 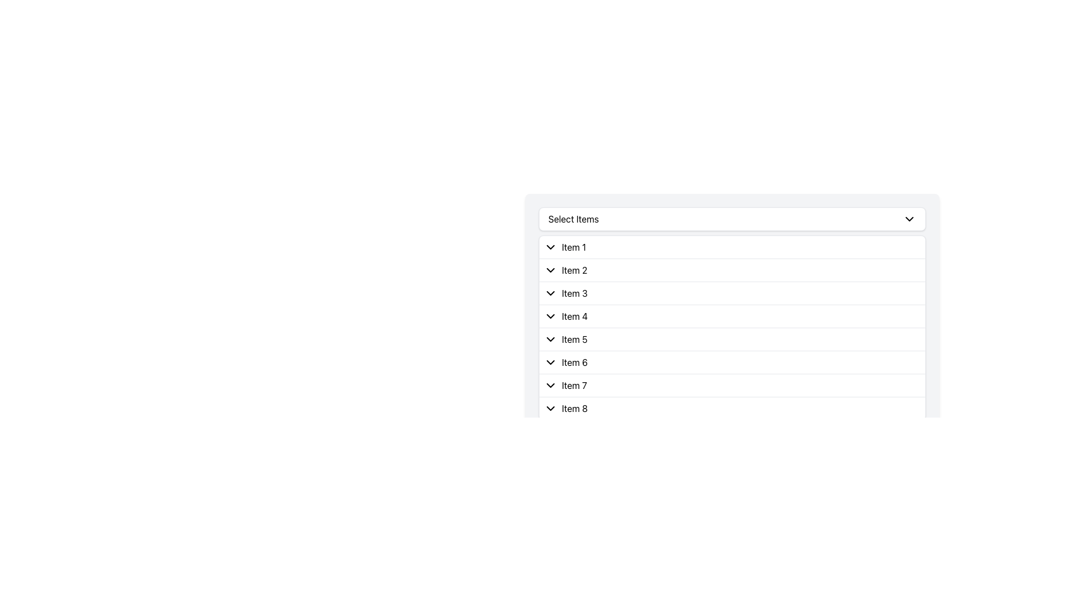 I want to click on the text label representing the fifth item in a list within a dropdown interface, located to the right of an arrow icon, so click(x=574, y=339).